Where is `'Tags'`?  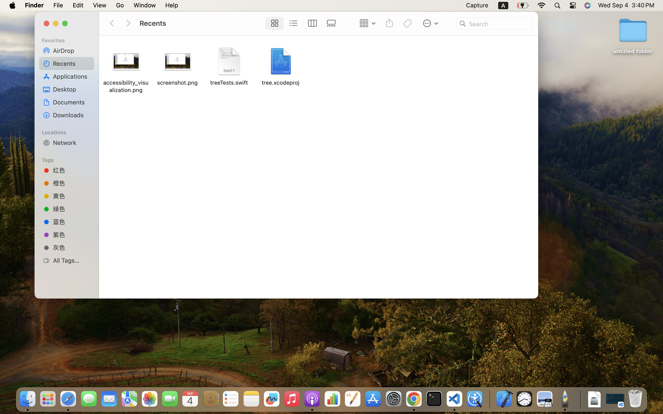 'Tags' is located at coordinates (69, 159).